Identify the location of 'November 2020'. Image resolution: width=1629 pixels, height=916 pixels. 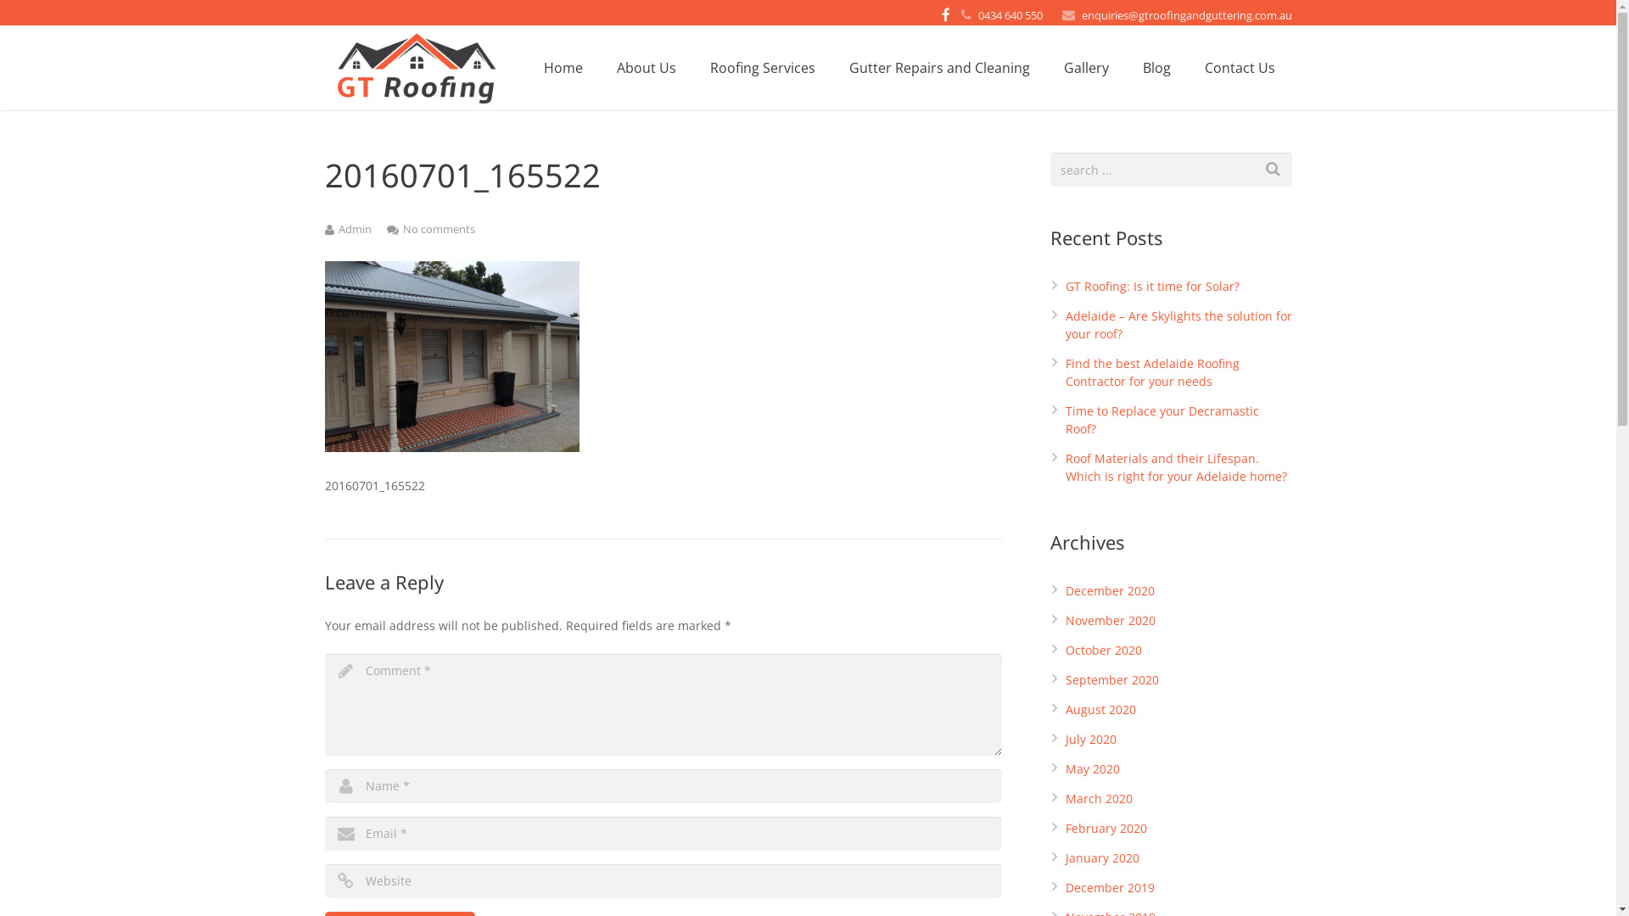
(1111, 620).